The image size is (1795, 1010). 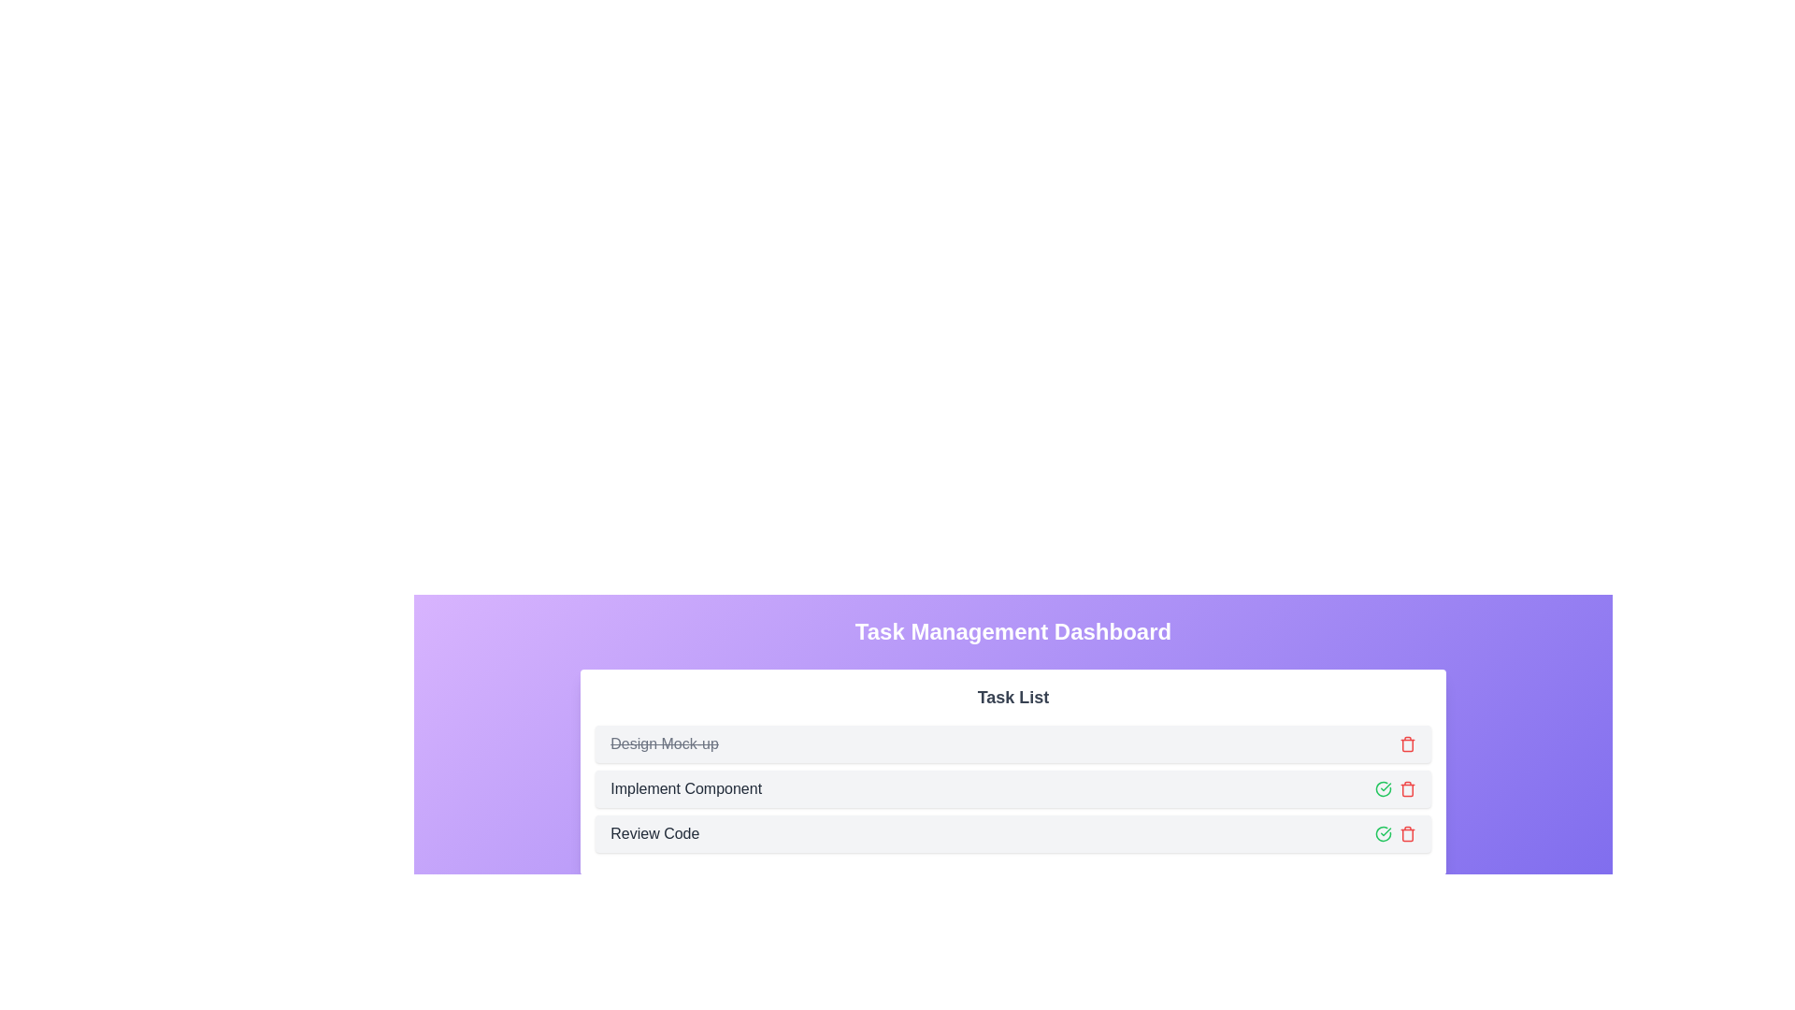 What do you see at coordinates (1012, 697) in the screenshot?
I see `the Text label that denotes the purpose of the section displaying a list of tasks, positioned at the top of the task details panel` at bounding box center [1012, 697].